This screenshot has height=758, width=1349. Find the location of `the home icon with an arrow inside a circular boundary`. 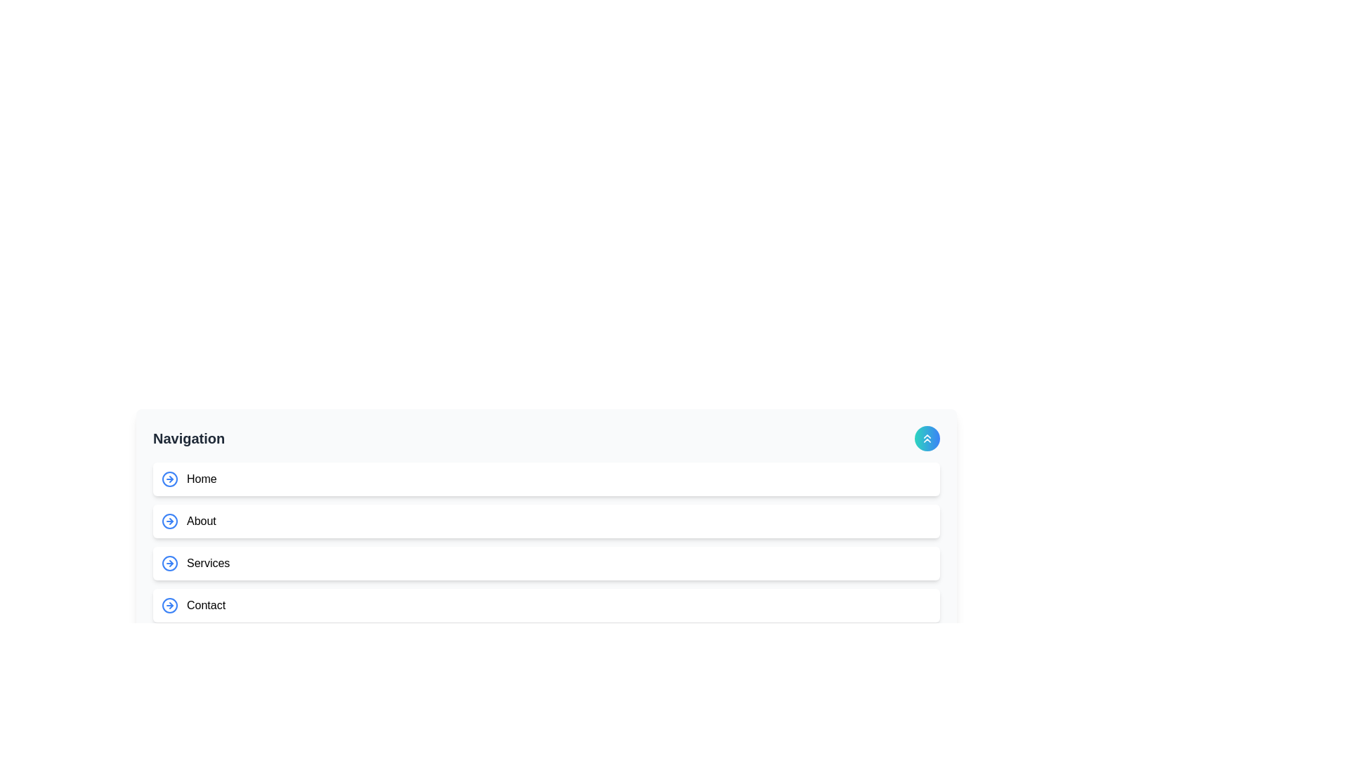

the home icon with an arrow inside a circular boundary is located at coordinates (169, 478).